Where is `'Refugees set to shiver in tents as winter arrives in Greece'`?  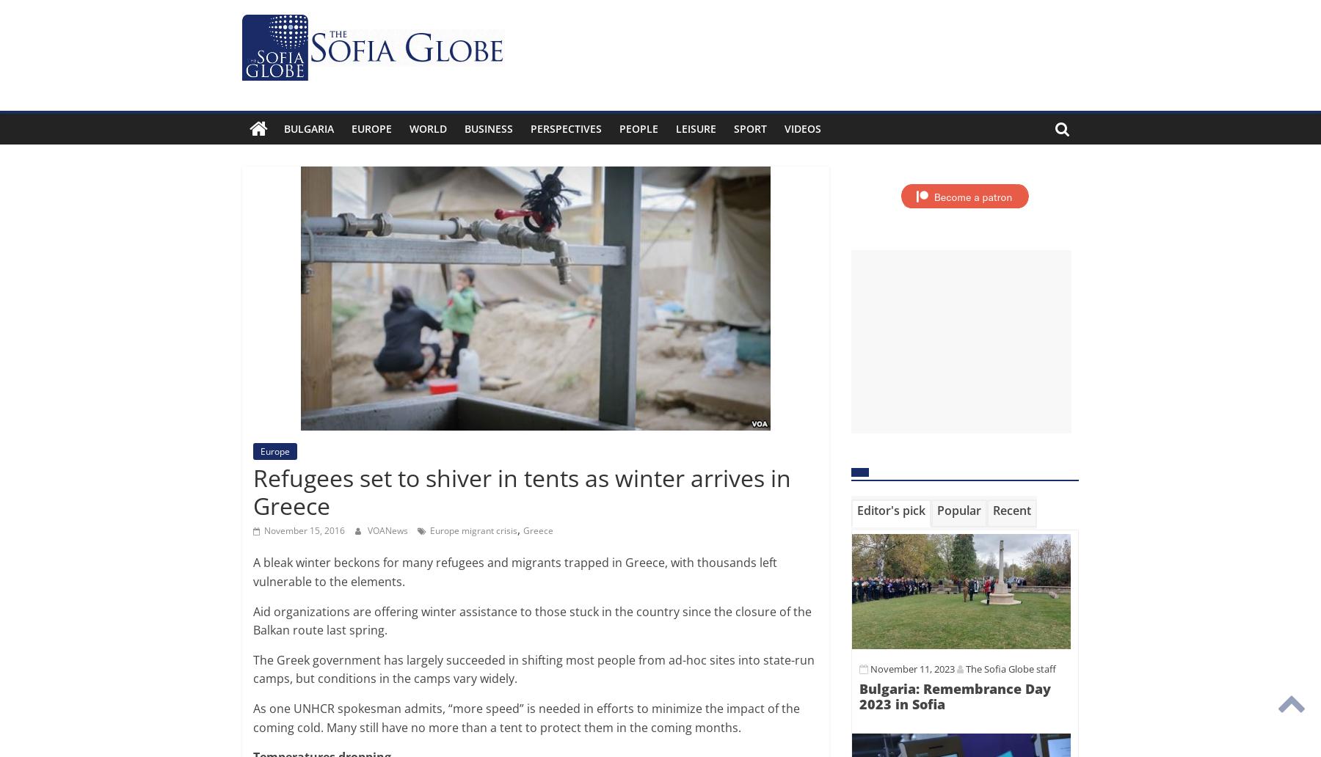
'Refugees set to shiver in tents as winter arrives in Greece' is located at coordinates (521, 490).